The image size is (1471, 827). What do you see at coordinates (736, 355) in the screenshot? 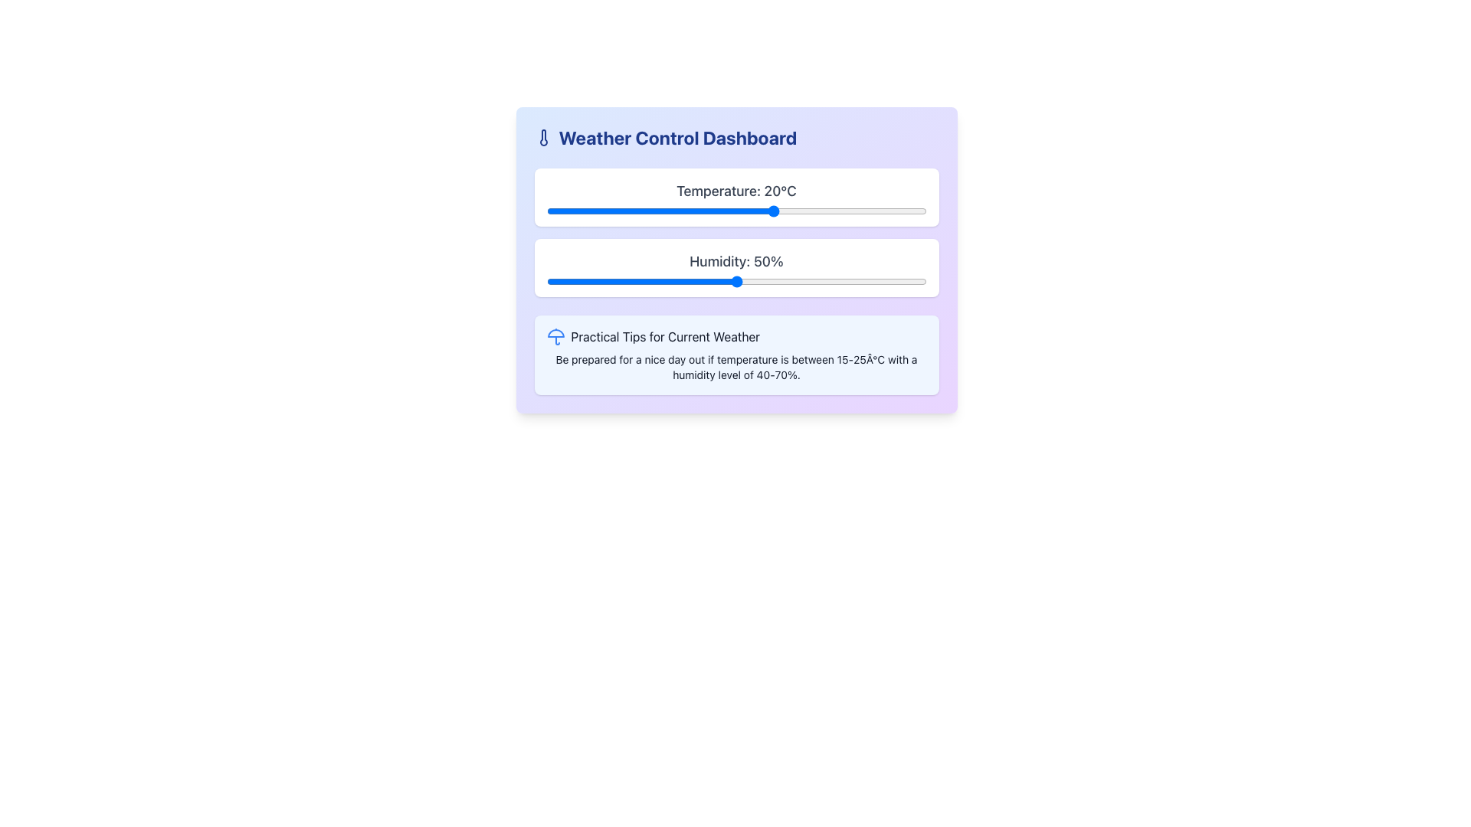
I see `text content from the Informational Panel located below the 'Humidity: 50%' section in the 'Weather Control Dashboard.'` at bounding box center [736, 355].